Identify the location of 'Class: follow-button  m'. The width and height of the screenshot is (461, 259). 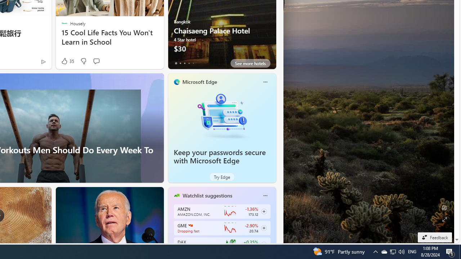
(263, 244).